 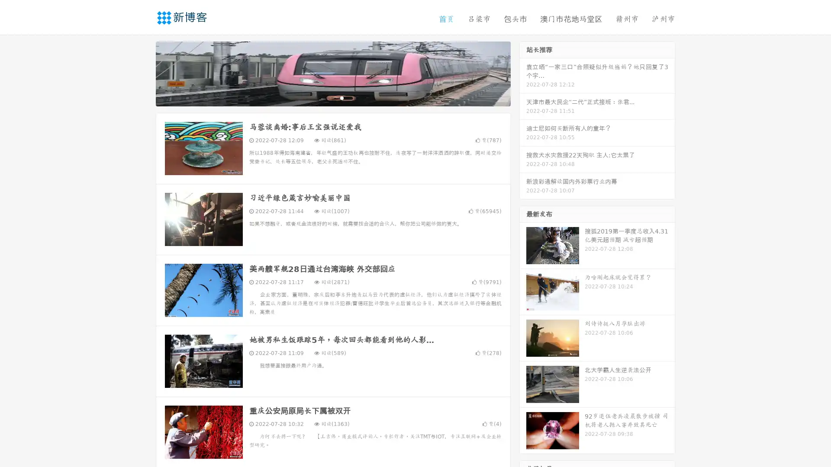 What do you see at coordinates (332, 97) in the screenshot?
I see `Go to slide 2` at bounding box center [332, 97].